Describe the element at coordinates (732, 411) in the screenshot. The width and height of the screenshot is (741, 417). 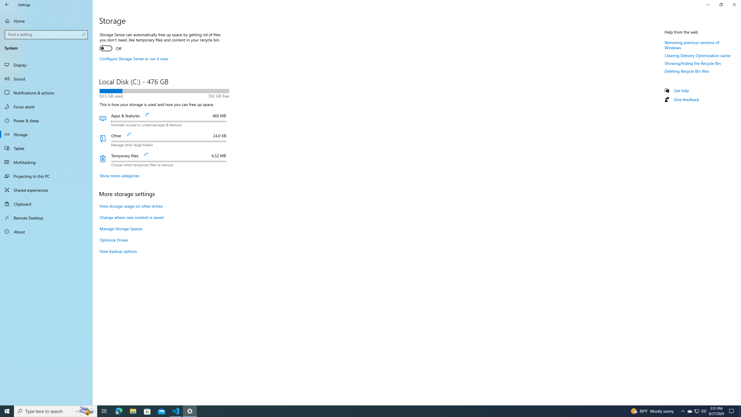
I see `'Action Center, No new notifications'` at that location.